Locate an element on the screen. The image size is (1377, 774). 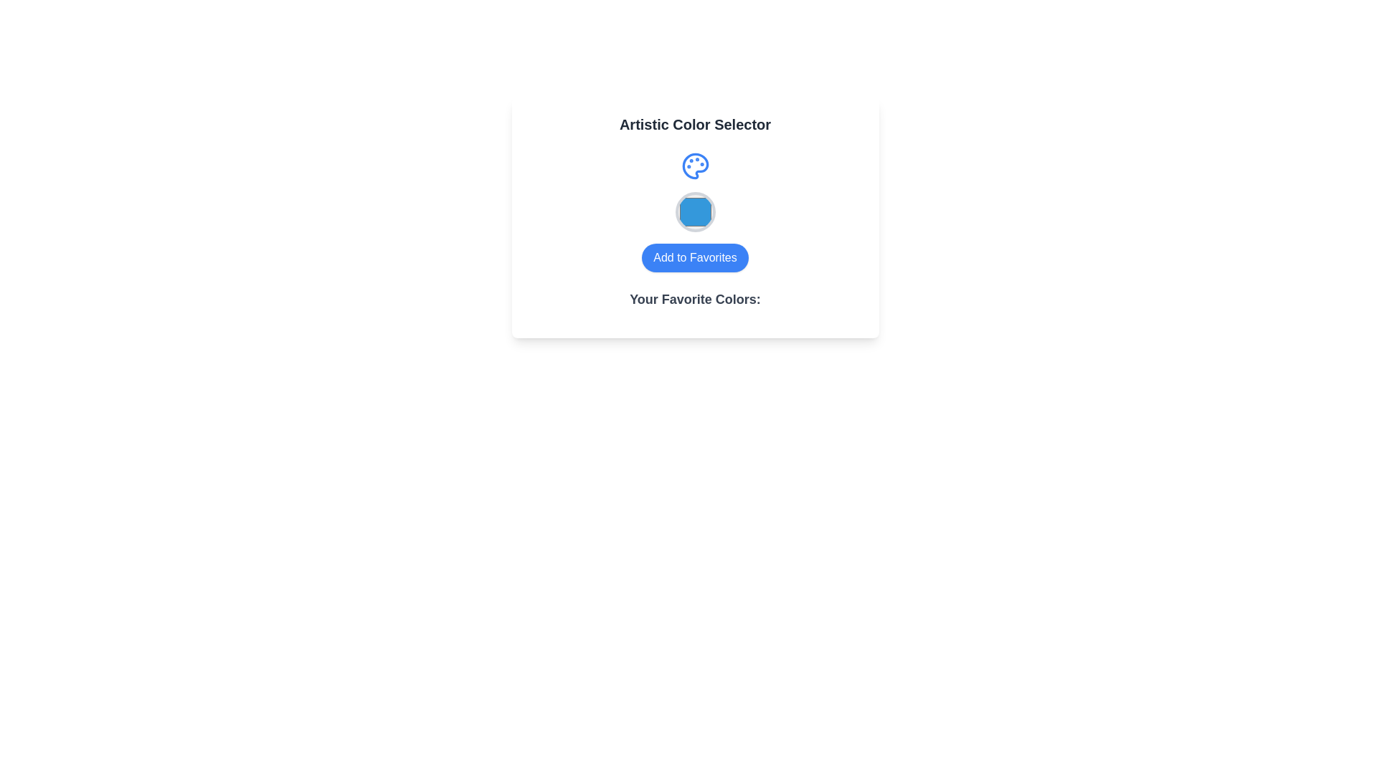
the favorite color button located at the bottom of the vertical layout is located at coordinates (695, 257).